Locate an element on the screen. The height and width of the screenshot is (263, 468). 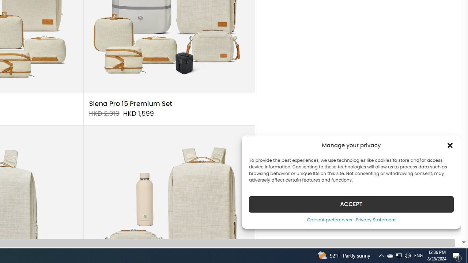
'Class: cmplz-close' is located at coordinates (450, 145).